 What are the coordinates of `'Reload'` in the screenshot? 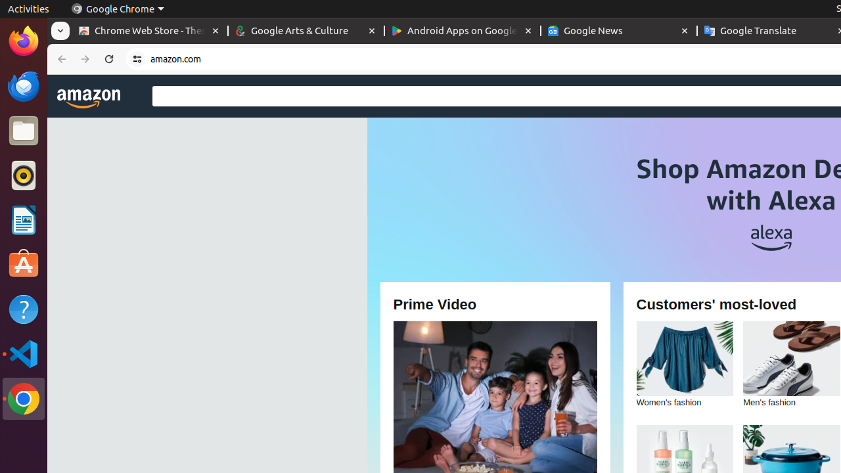 It's located at (109, 59).